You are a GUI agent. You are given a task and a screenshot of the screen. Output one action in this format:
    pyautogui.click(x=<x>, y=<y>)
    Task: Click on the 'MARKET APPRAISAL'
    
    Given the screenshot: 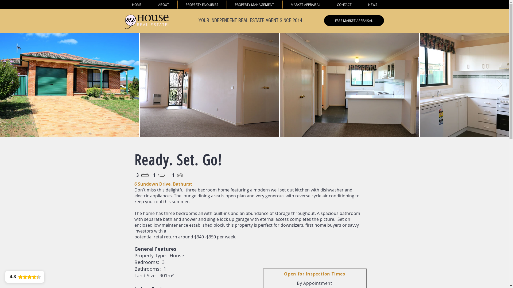 What is the action you would take?
    pyautogui.click(x=305, y=4)
    